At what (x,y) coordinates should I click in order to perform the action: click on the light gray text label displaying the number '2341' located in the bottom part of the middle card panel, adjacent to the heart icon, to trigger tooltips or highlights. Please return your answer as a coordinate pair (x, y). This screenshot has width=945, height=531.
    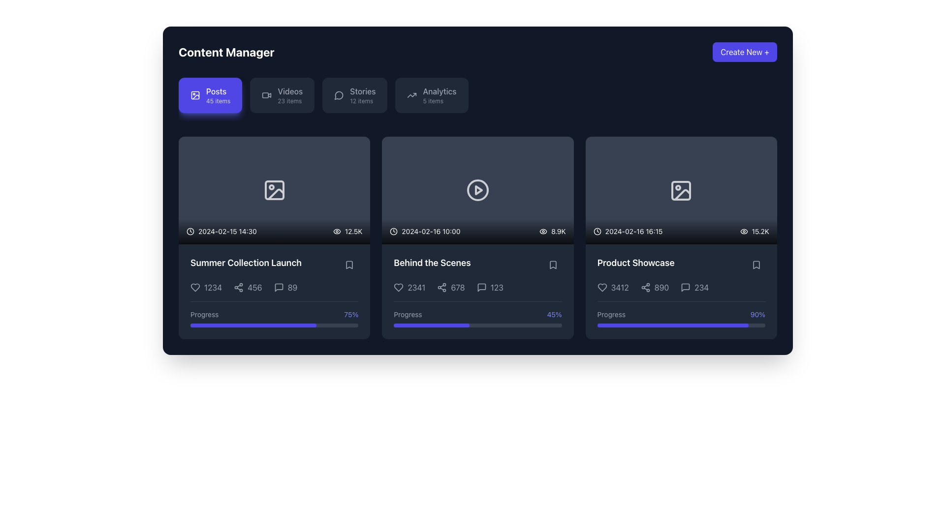
    Looking at the image, I should click on (409, 287).